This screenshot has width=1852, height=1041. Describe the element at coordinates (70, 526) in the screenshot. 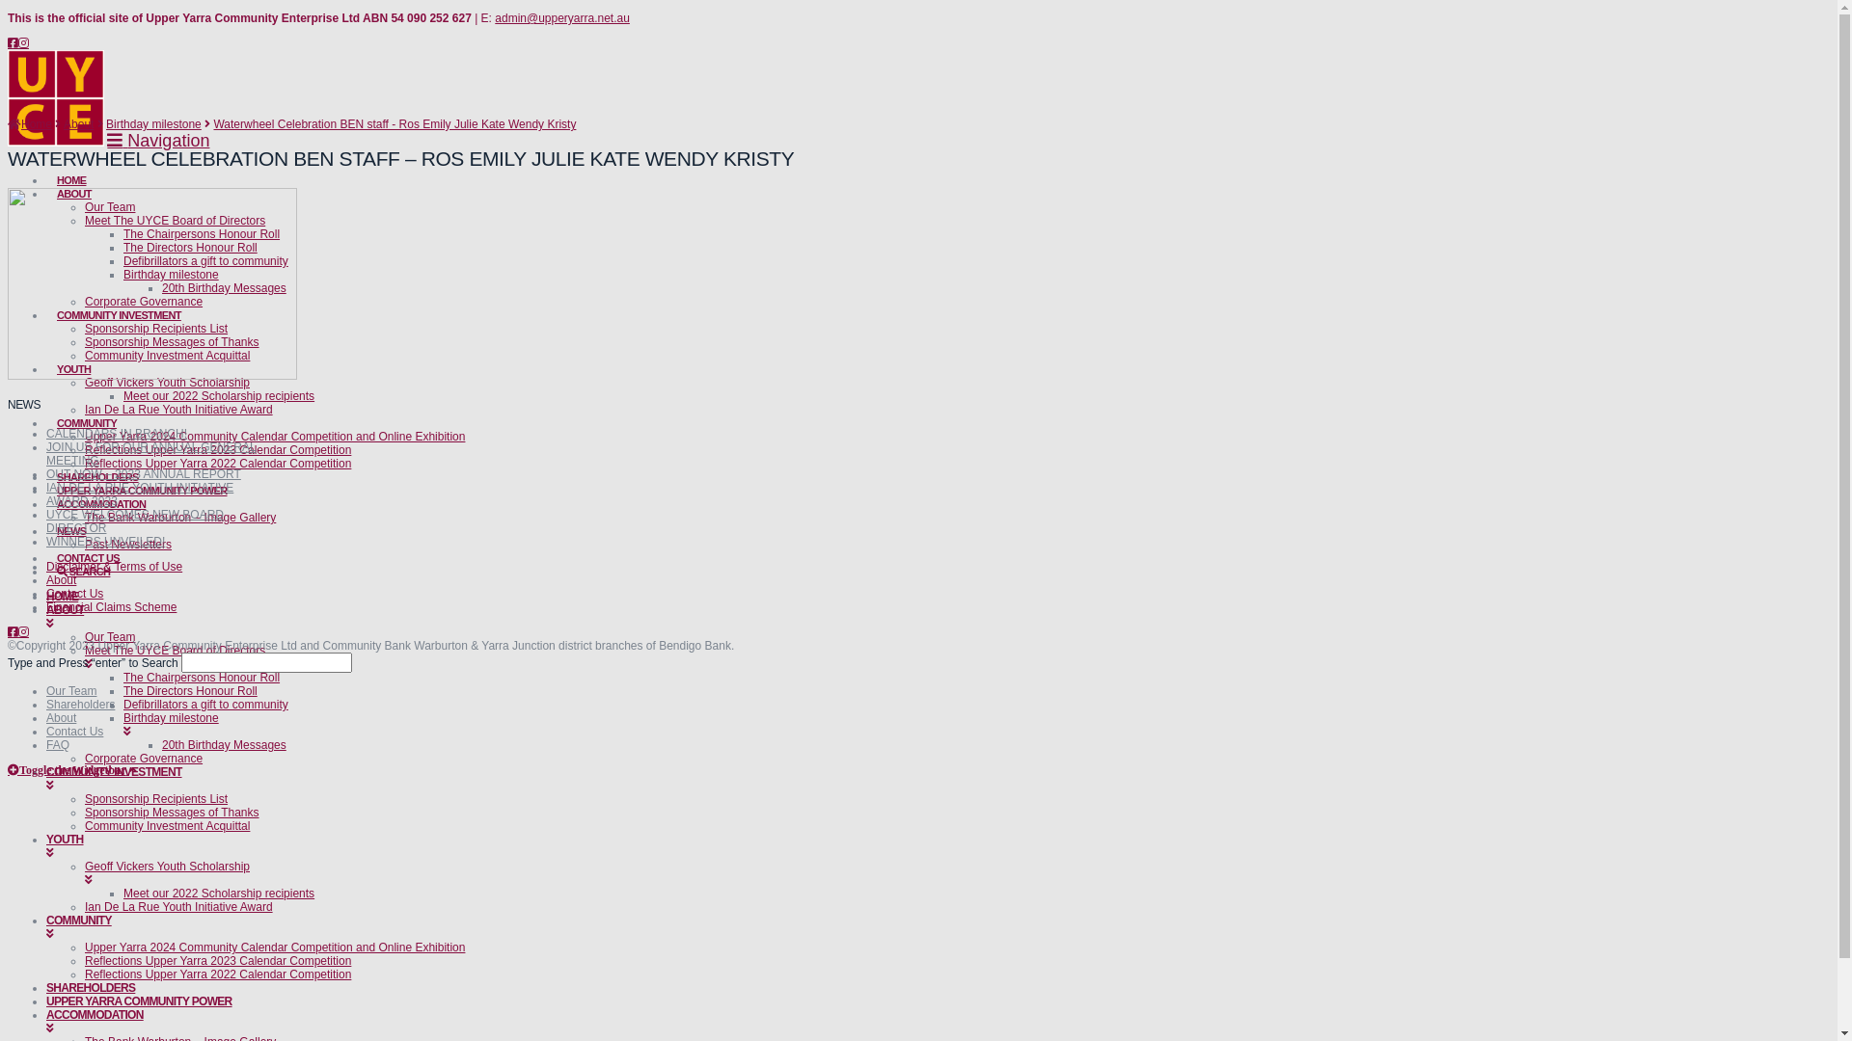

I see `'NEWS'` at that location.